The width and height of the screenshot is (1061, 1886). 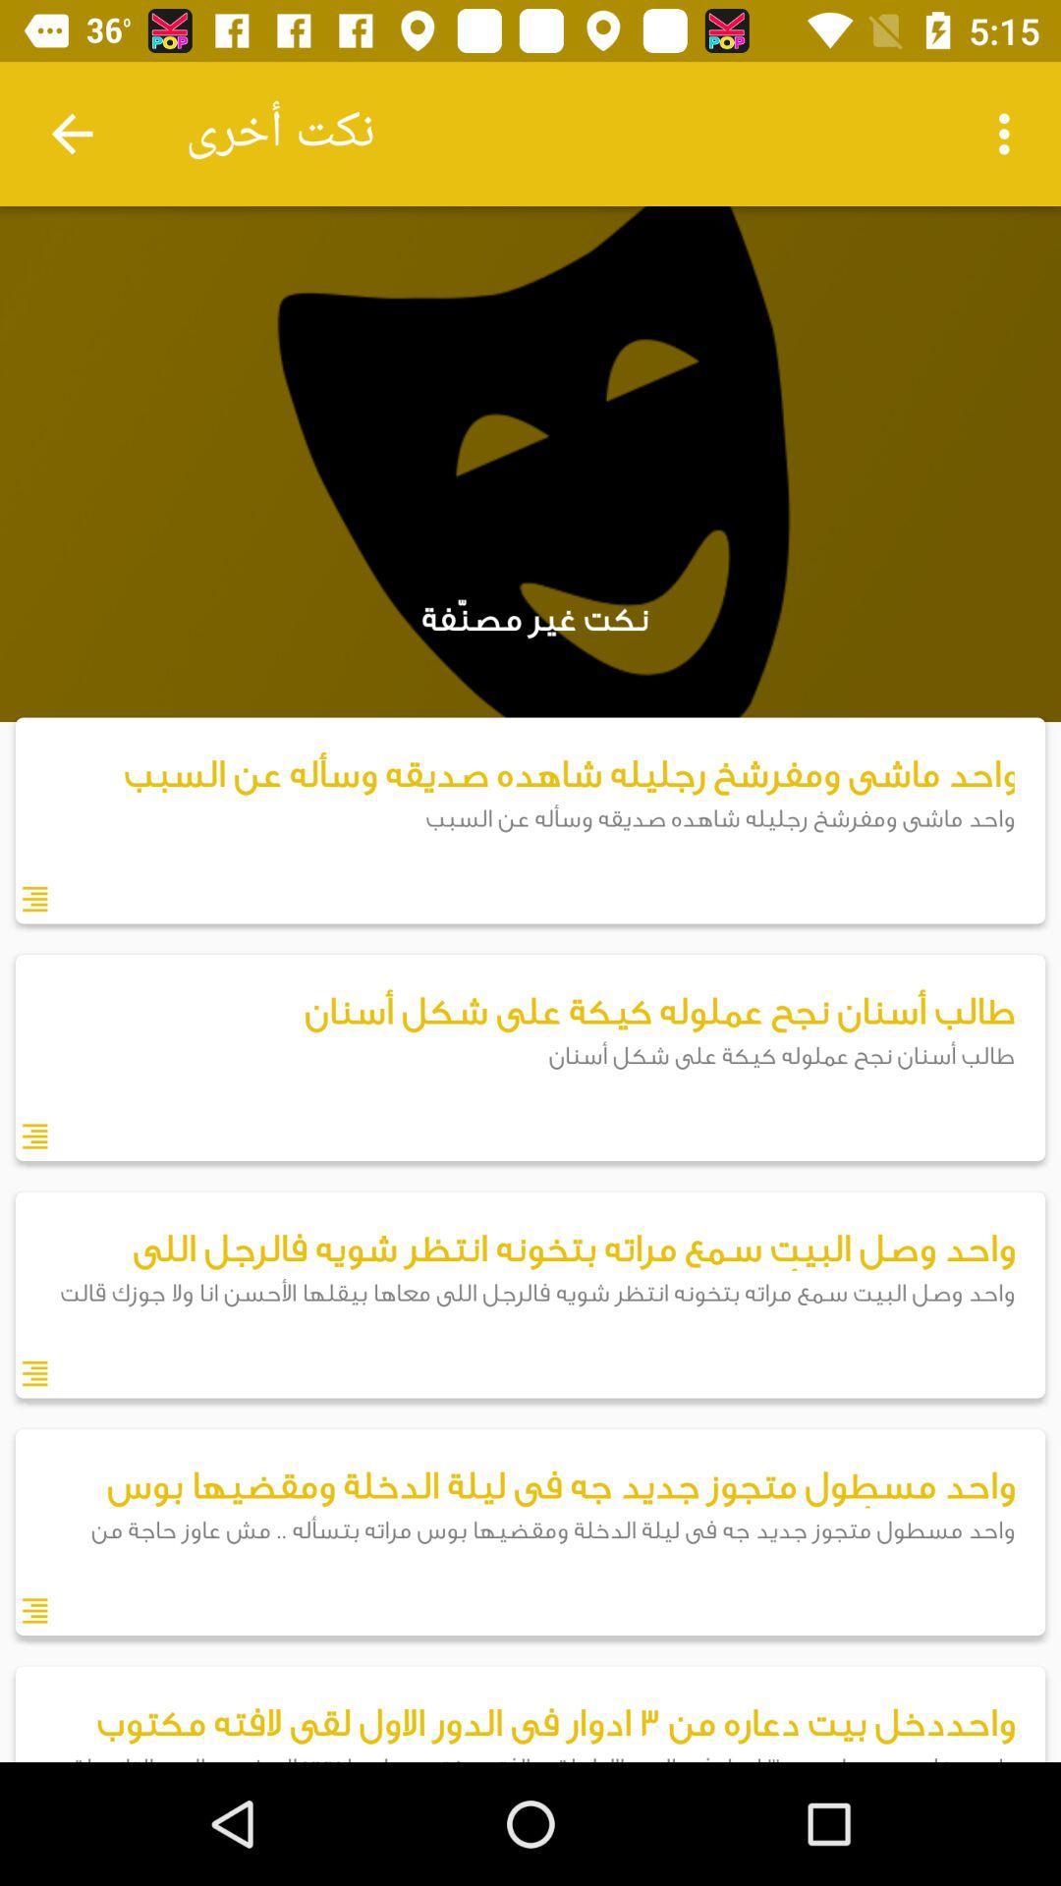 What do you see at coordinates (1009, 133) in the screenshot?
I see `item at the top right corner` at bounding box center [1009, 133].